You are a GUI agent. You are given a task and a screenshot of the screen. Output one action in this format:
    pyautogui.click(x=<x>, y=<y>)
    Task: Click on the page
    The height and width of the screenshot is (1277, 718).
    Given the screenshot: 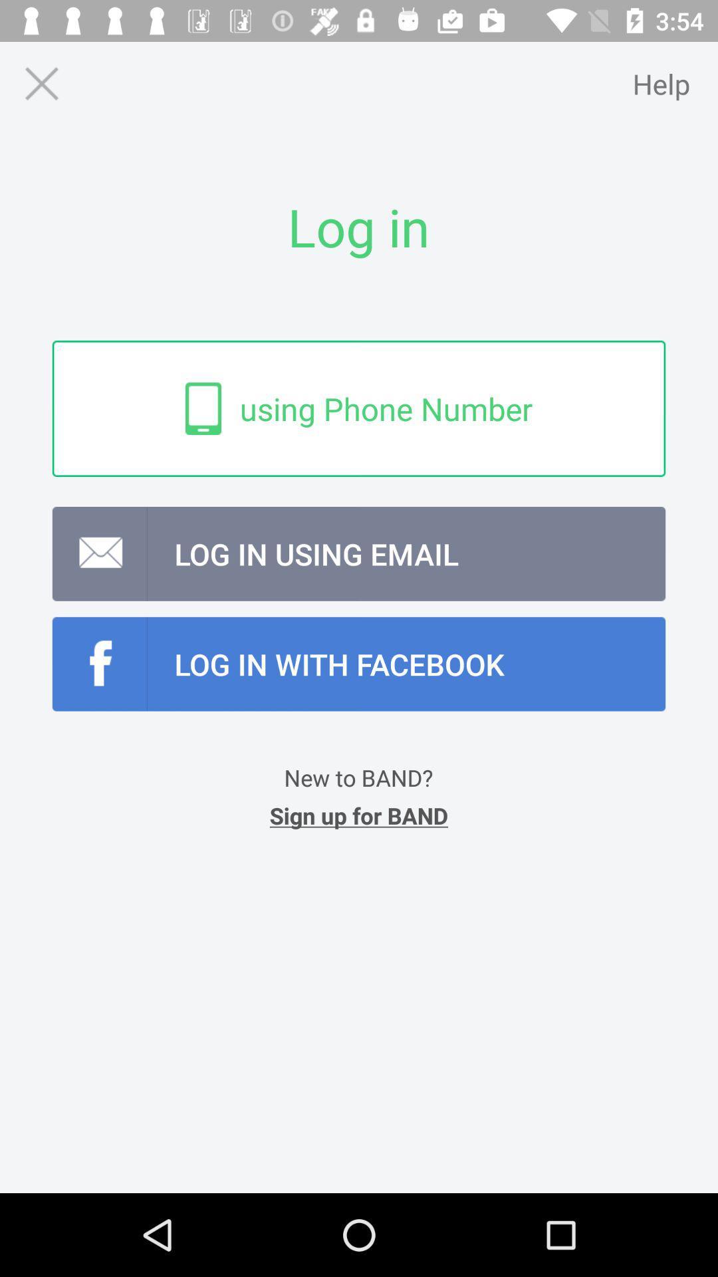 What is the action you would take?
    pyautogui.click(x=41, y=82)
    